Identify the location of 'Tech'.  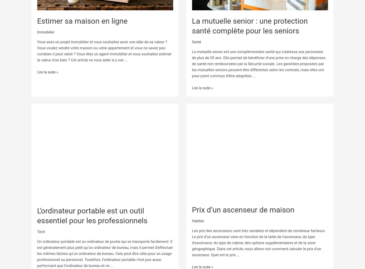
(41, 231).